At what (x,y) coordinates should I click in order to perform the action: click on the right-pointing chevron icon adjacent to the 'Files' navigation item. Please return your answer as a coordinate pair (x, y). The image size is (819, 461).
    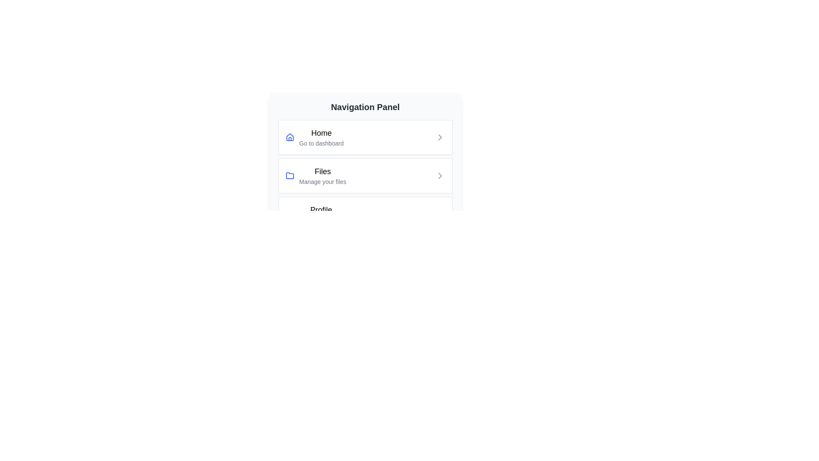
    Looking at the image, I should click on (440, 175).